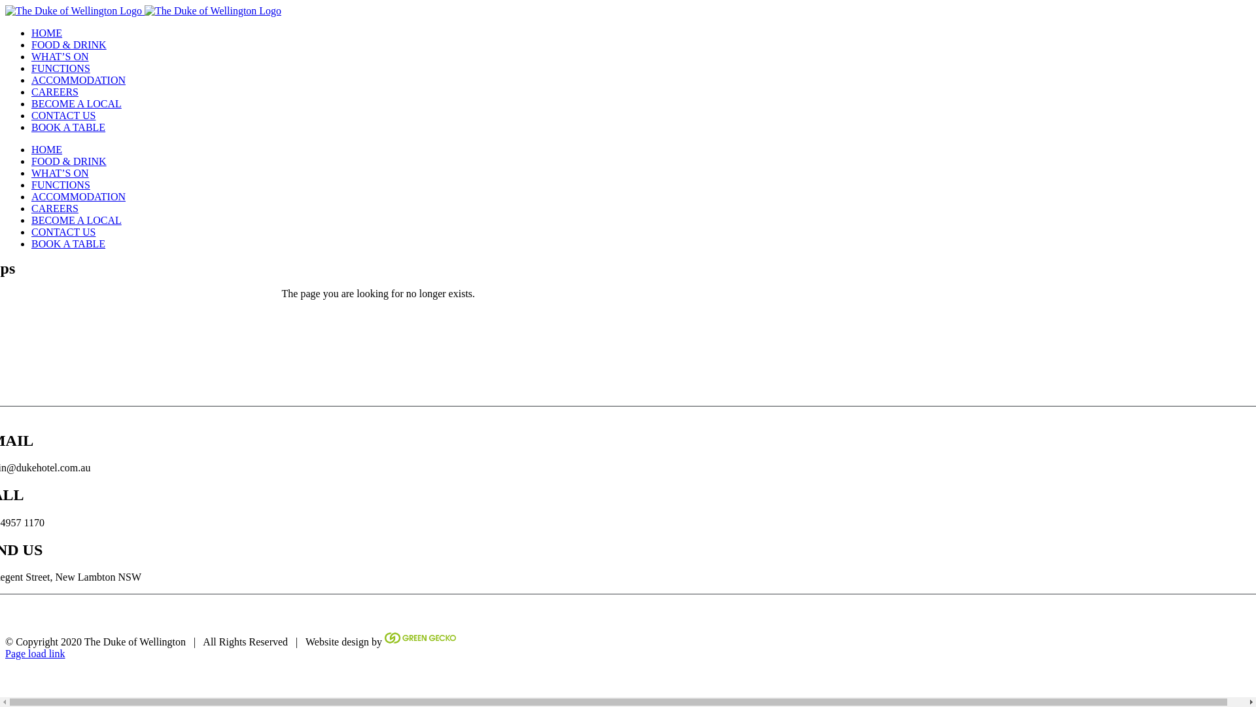 This screenshot has width=1256, height=707. I want to click on 'CAREERS', so click(54, 208).